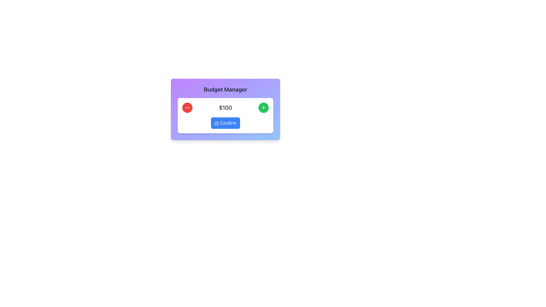  What do you see at coordinates (263, 107) in the screenshot?
I see `the circular green button with a white plus symbol, which is positioned to the right of the '$100' text` at bounding box center [263, 107].